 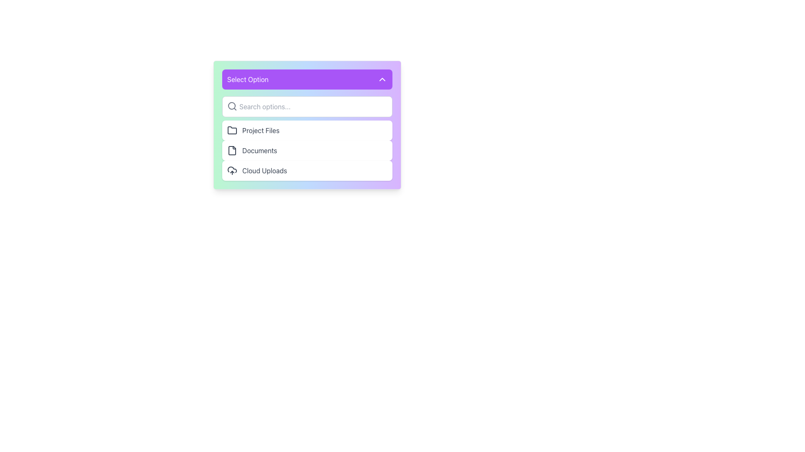 I want to click on the toggle icon in the top-right corner of the 'Select Option' purple header, so click(x=382, y=79).